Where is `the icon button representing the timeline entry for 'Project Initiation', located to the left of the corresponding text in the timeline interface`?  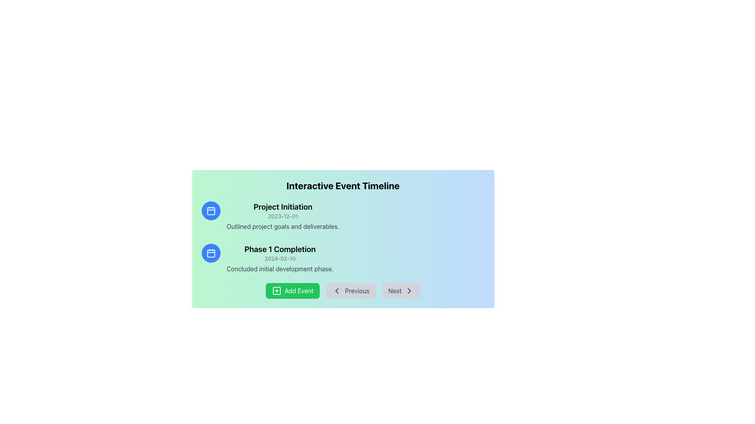 the icon button representing the timeline entry for 'Project Initiation', located to the left of the corresponding text in the timeline interface is located at coordinates (211, 210).